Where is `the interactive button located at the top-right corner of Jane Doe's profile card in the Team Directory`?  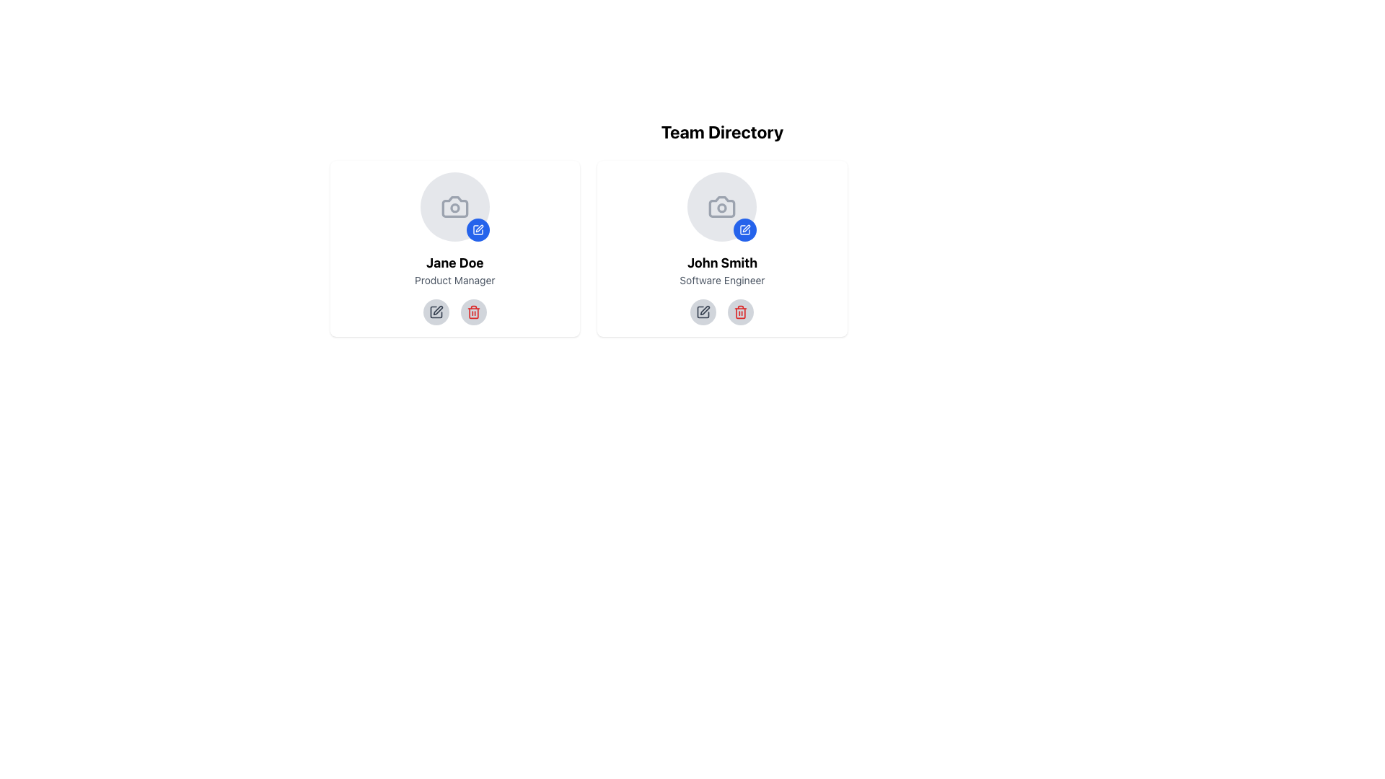
the interactive button located at the top-right corner of Jane Doe's profile card in the Team Directory is located at coordinates (478, 229).